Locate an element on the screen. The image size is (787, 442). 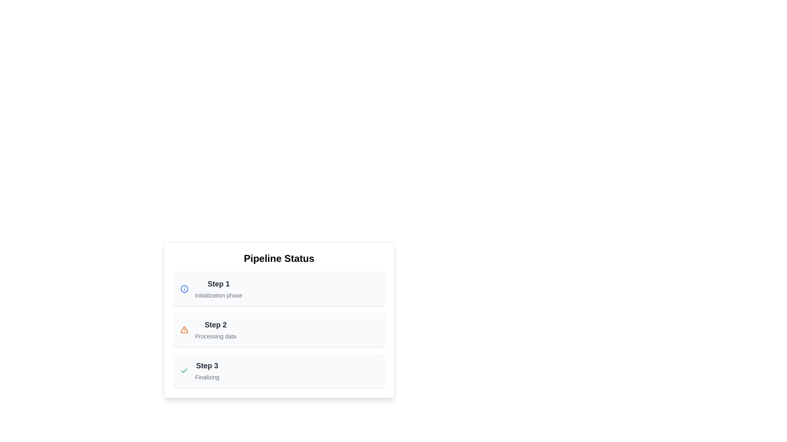
the leftmost icon in the second step of the pipeline status list, which indicates a processing state is located at coordinates (184, 329).